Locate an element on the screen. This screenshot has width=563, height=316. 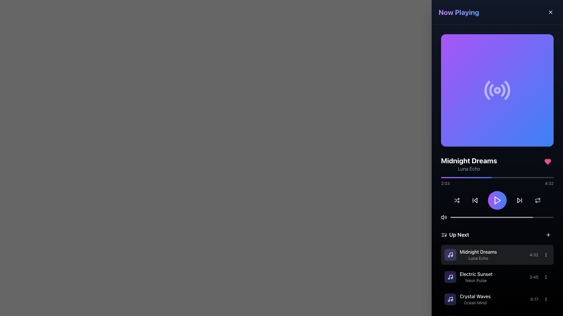
the progress bar is located at coordinates (452, 177).